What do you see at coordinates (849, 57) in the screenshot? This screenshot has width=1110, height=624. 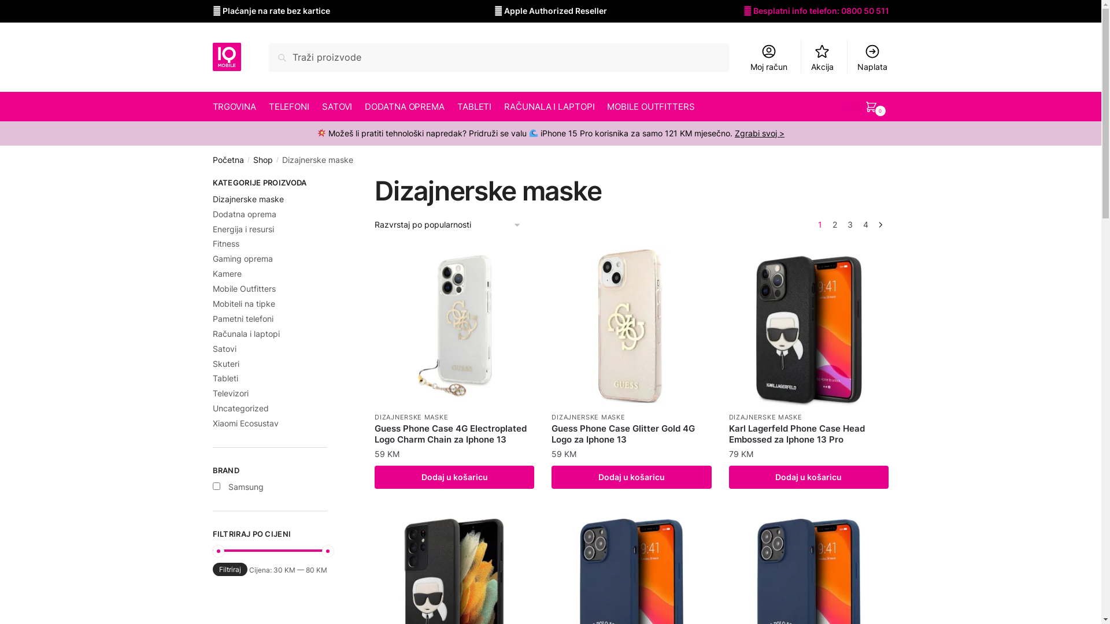 I see `'Naplata'` at bounding box center [849, 57].